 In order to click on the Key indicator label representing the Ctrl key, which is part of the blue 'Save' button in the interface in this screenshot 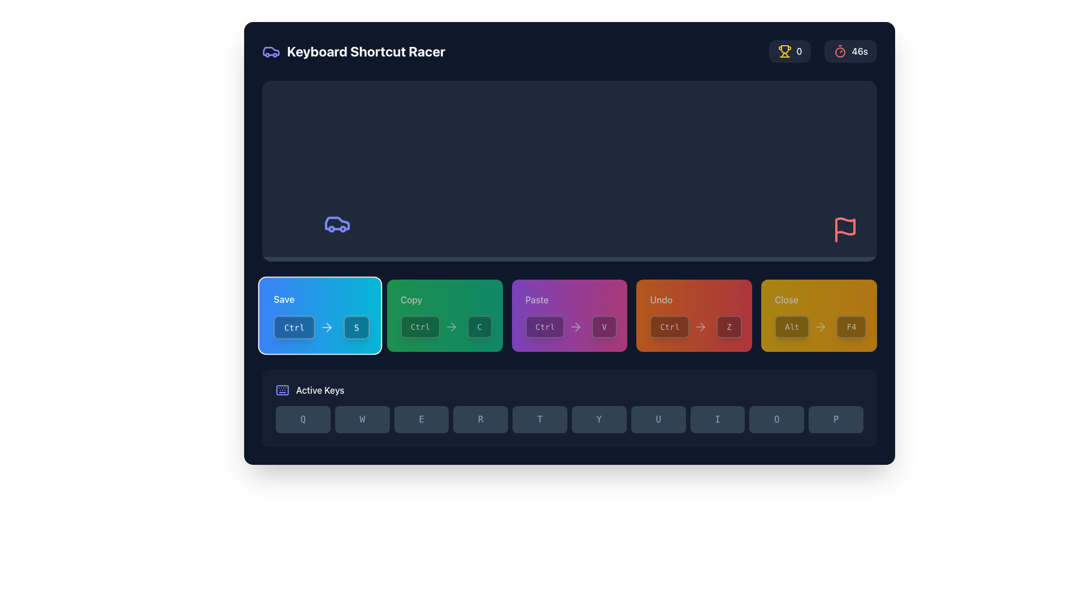, I will do `click(294, 327)`.